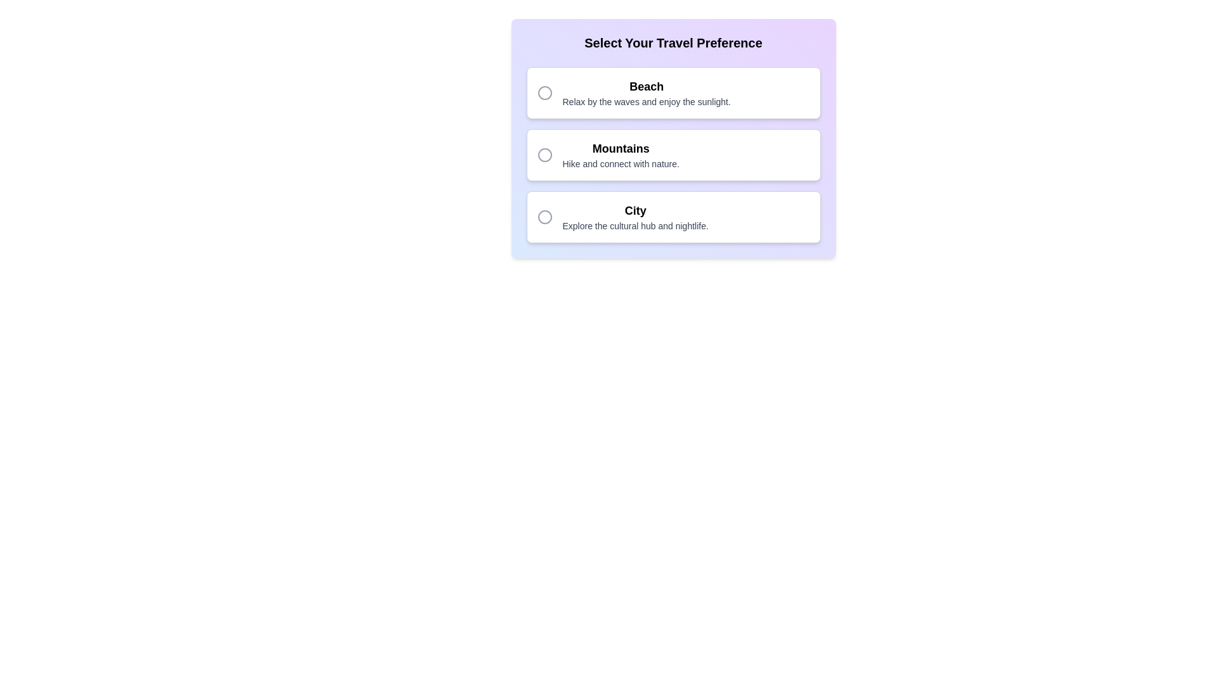  I want to click on the circular SVG element representing the radio button for the 'Mountains' option, which is located in the second position of a vertical list of three options, so click(544, 155).